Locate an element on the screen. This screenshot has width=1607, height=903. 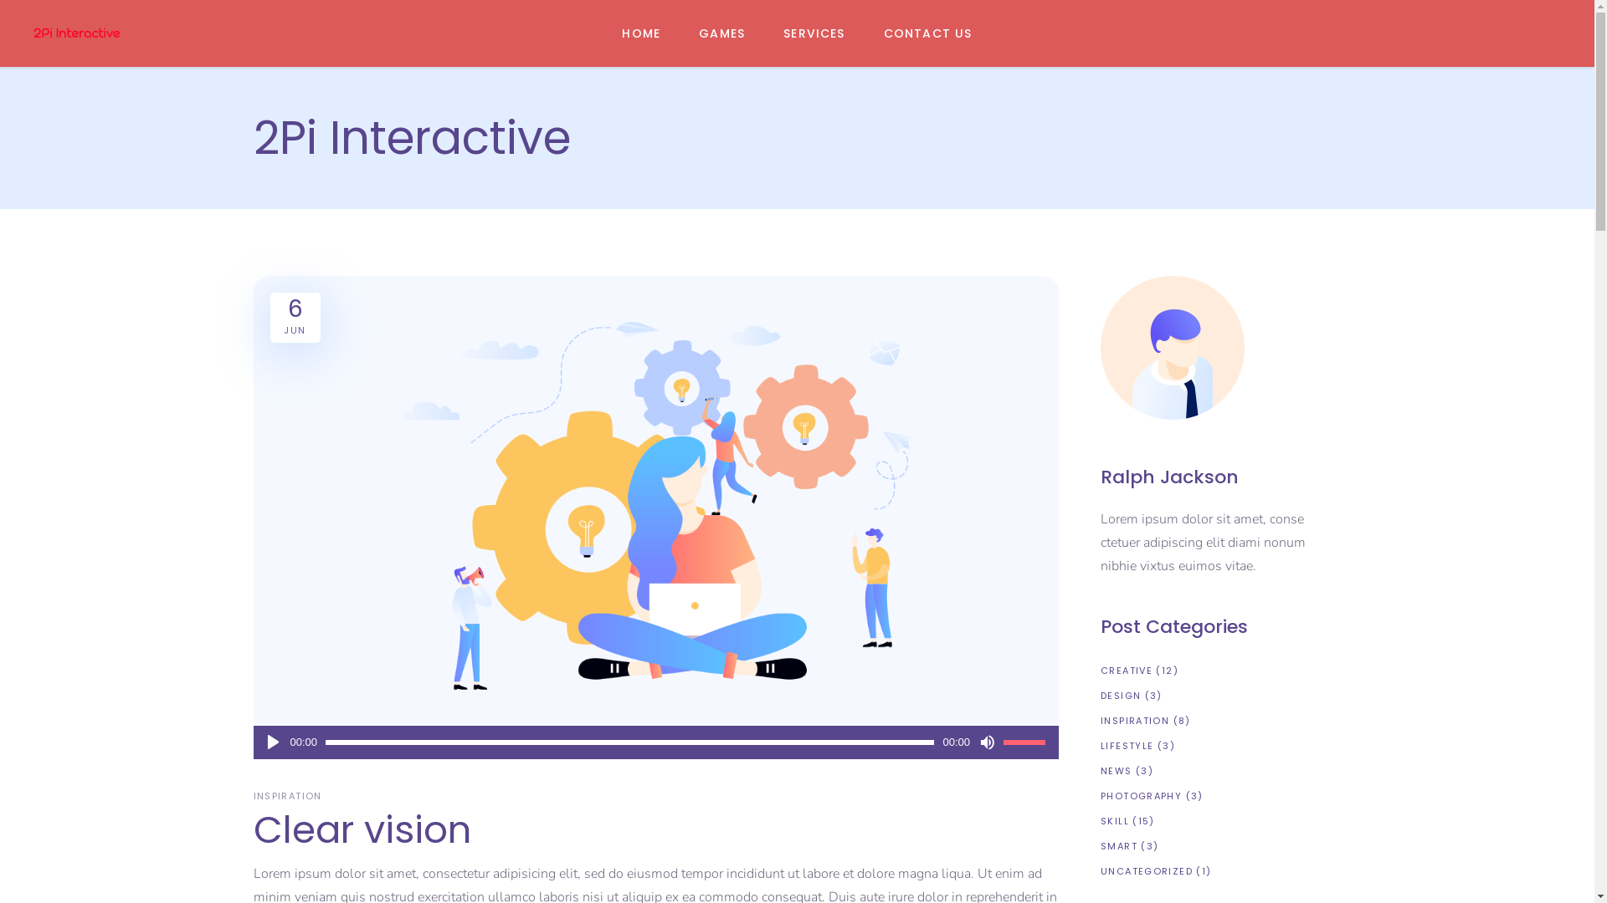
'SKILL' is located at coordinates (1101, 820).